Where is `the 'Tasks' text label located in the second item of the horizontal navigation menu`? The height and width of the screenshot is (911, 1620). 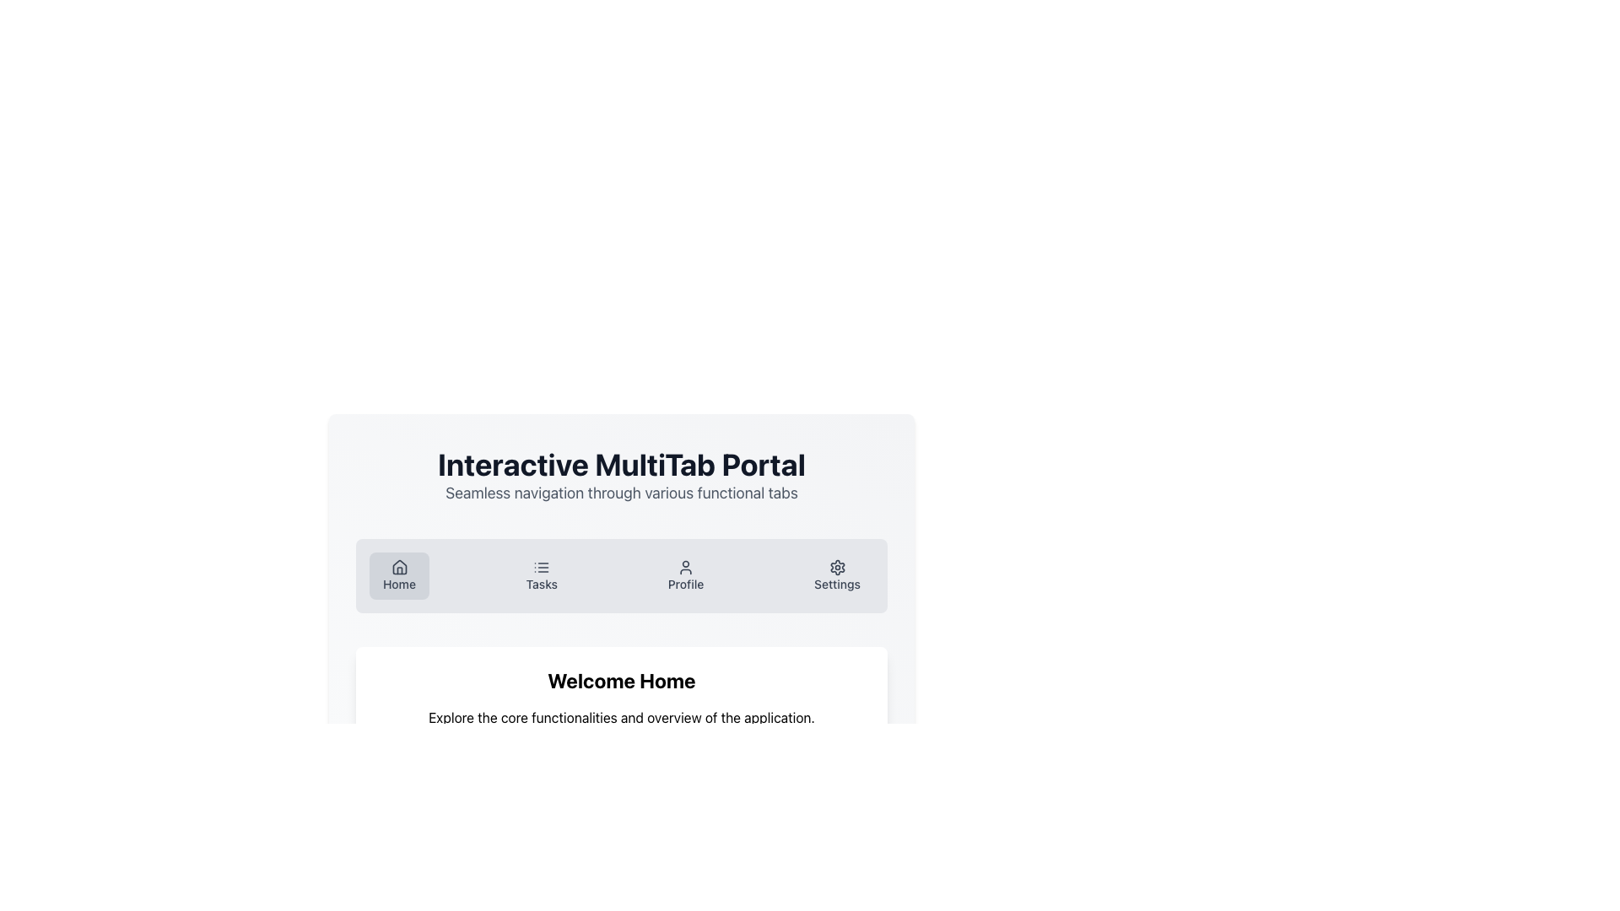
the 'Tasks' text label located in the second item of the horizontal navigation menu is located at coordinates (542, 584).